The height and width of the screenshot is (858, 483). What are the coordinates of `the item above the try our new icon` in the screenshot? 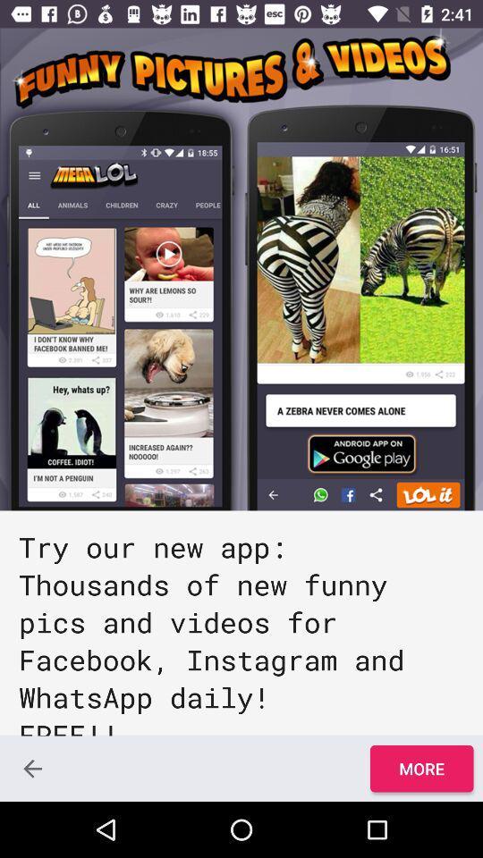 It's located at (241, 269).